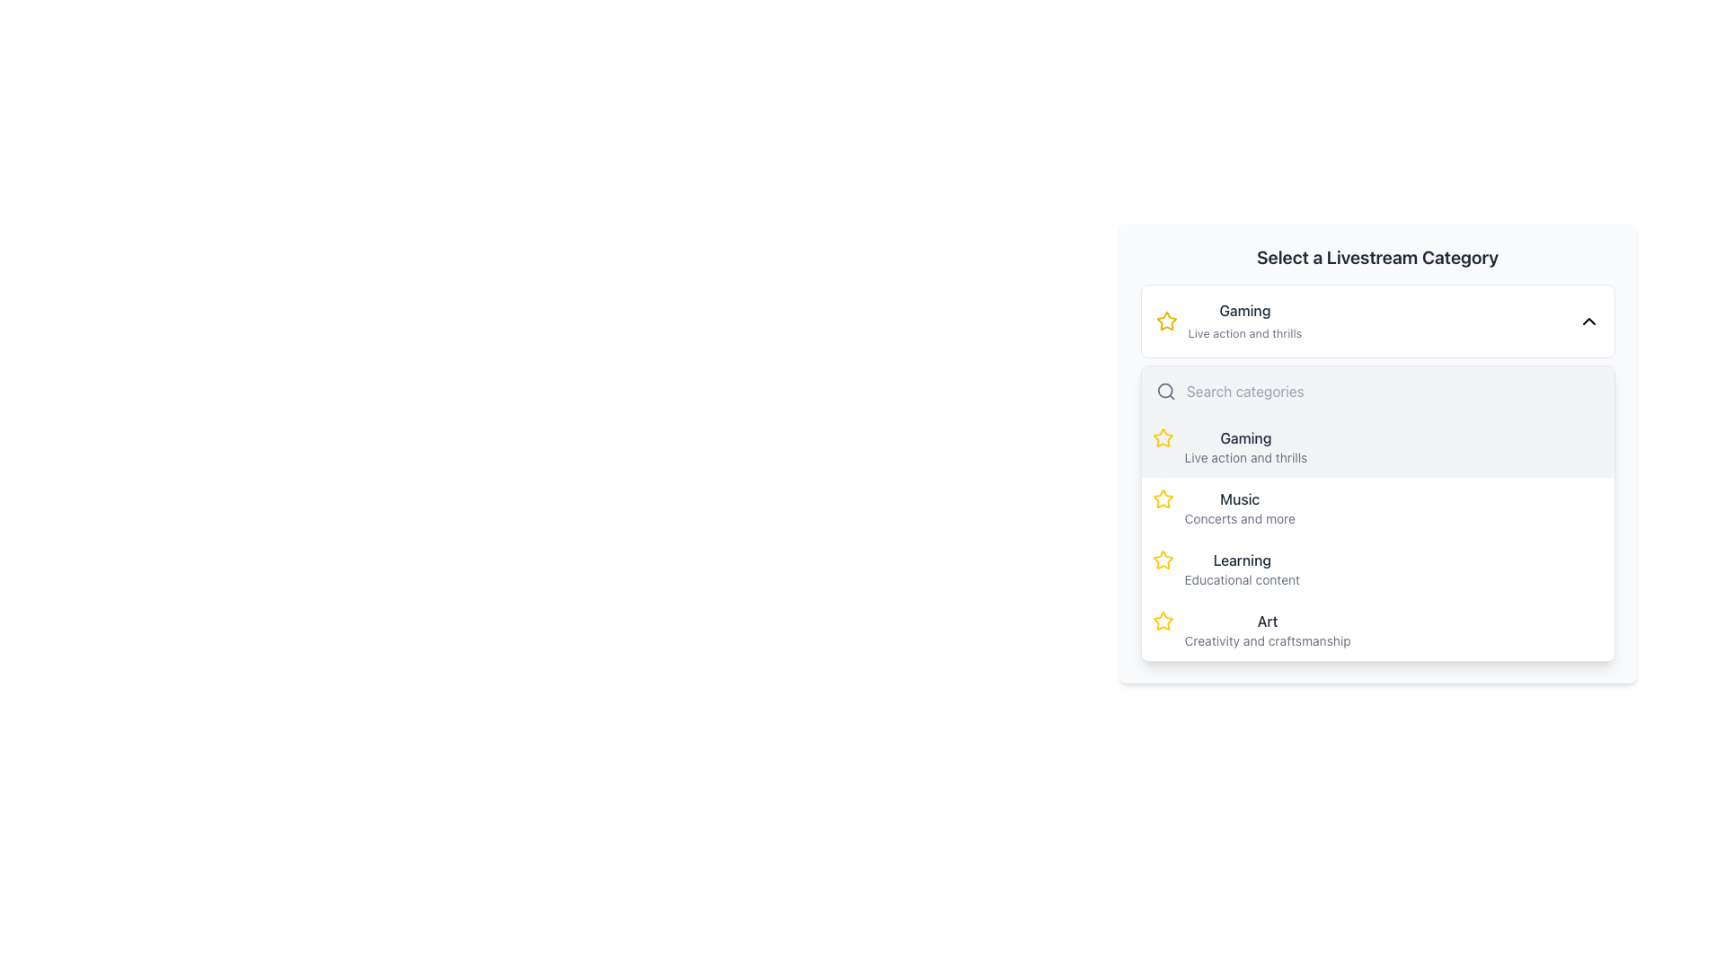 This screenshot has width=1725, height=970. Describe the element at coordinates (1241, 579) in the screenshot. I see `the descriptive text label that provides supplementary information for the 'Learning' category, located under the 'Select a Livestream Category' section` at that location.